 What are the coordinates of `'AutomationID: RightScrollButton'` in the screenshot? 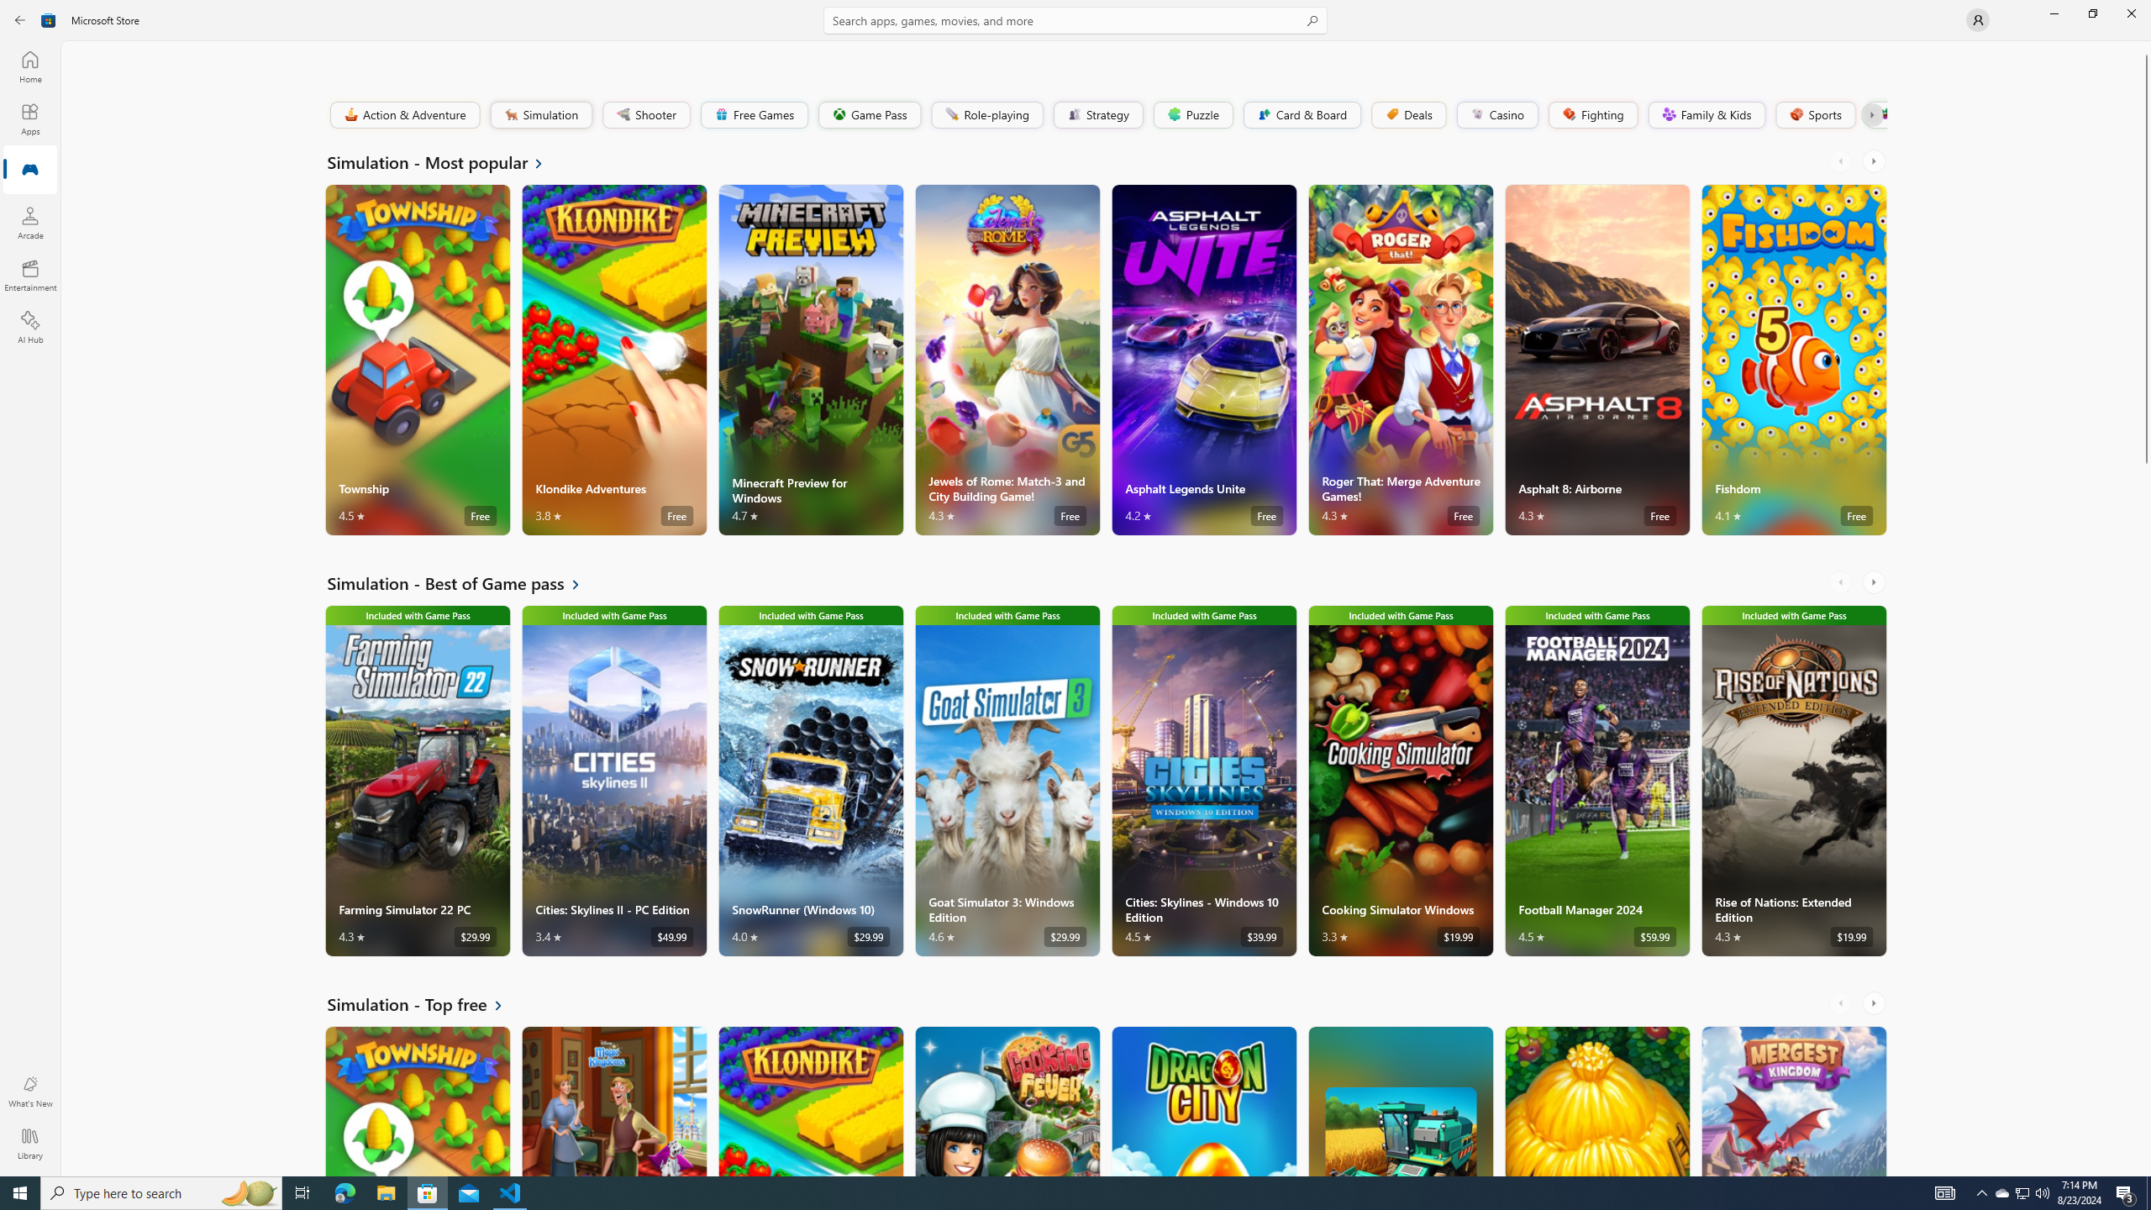 It's located at (1875, 1002).